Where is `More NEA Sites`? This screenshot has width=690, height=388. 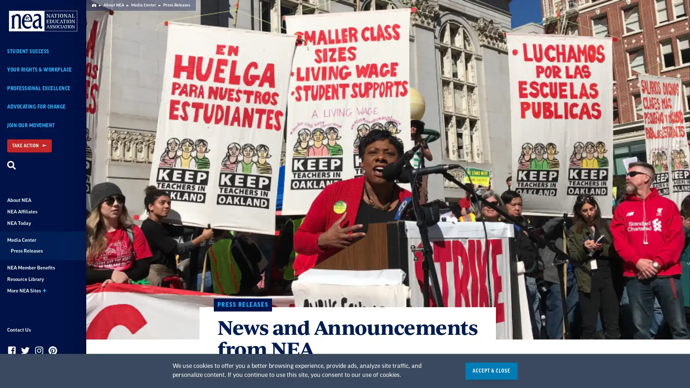 More NEA Sites is located at coordinates (43, 291).